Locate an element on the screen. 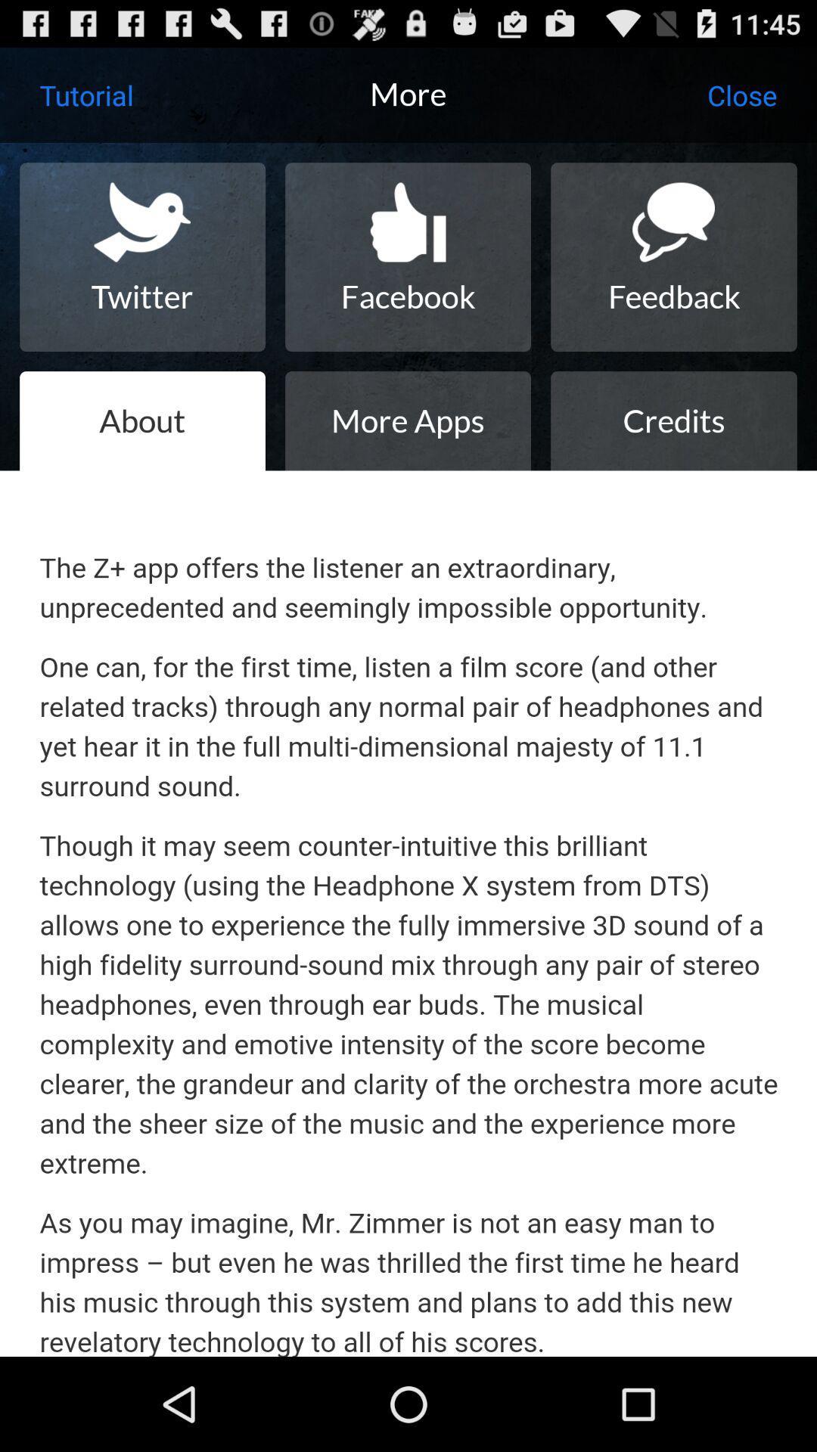 The image size is (817, 1452). twitter icon is located at coordinates (142, 257).